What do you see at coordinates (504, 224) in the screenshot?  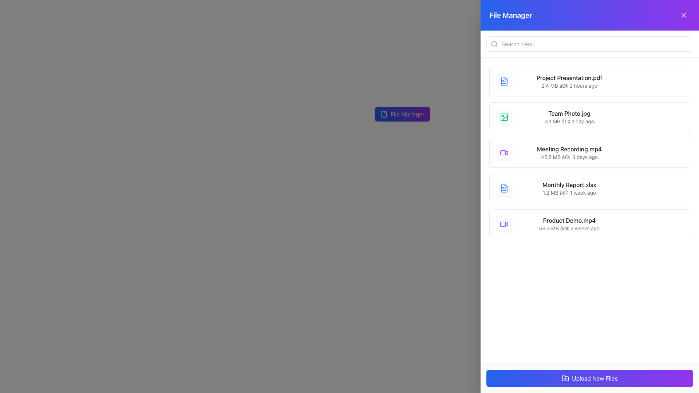 I see `the purple video file icon representing a camera with a recording lens located in the fourth row of a file manager interface` at bounding box center [504, 224].